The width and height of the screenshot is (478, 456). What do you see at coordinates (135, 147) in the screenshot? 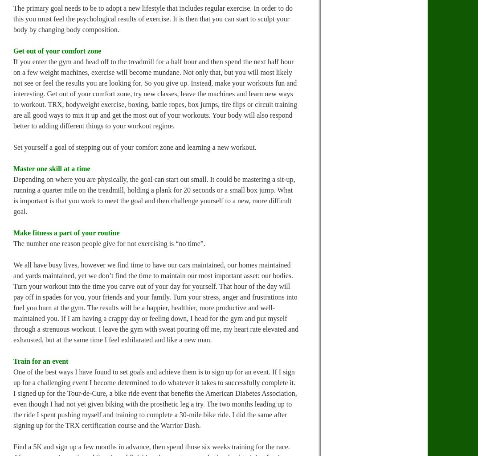
I see `'Set yourself a goal of stepping out of your comfort zone and learning a new workout.'` at bounding box center [135, 147].